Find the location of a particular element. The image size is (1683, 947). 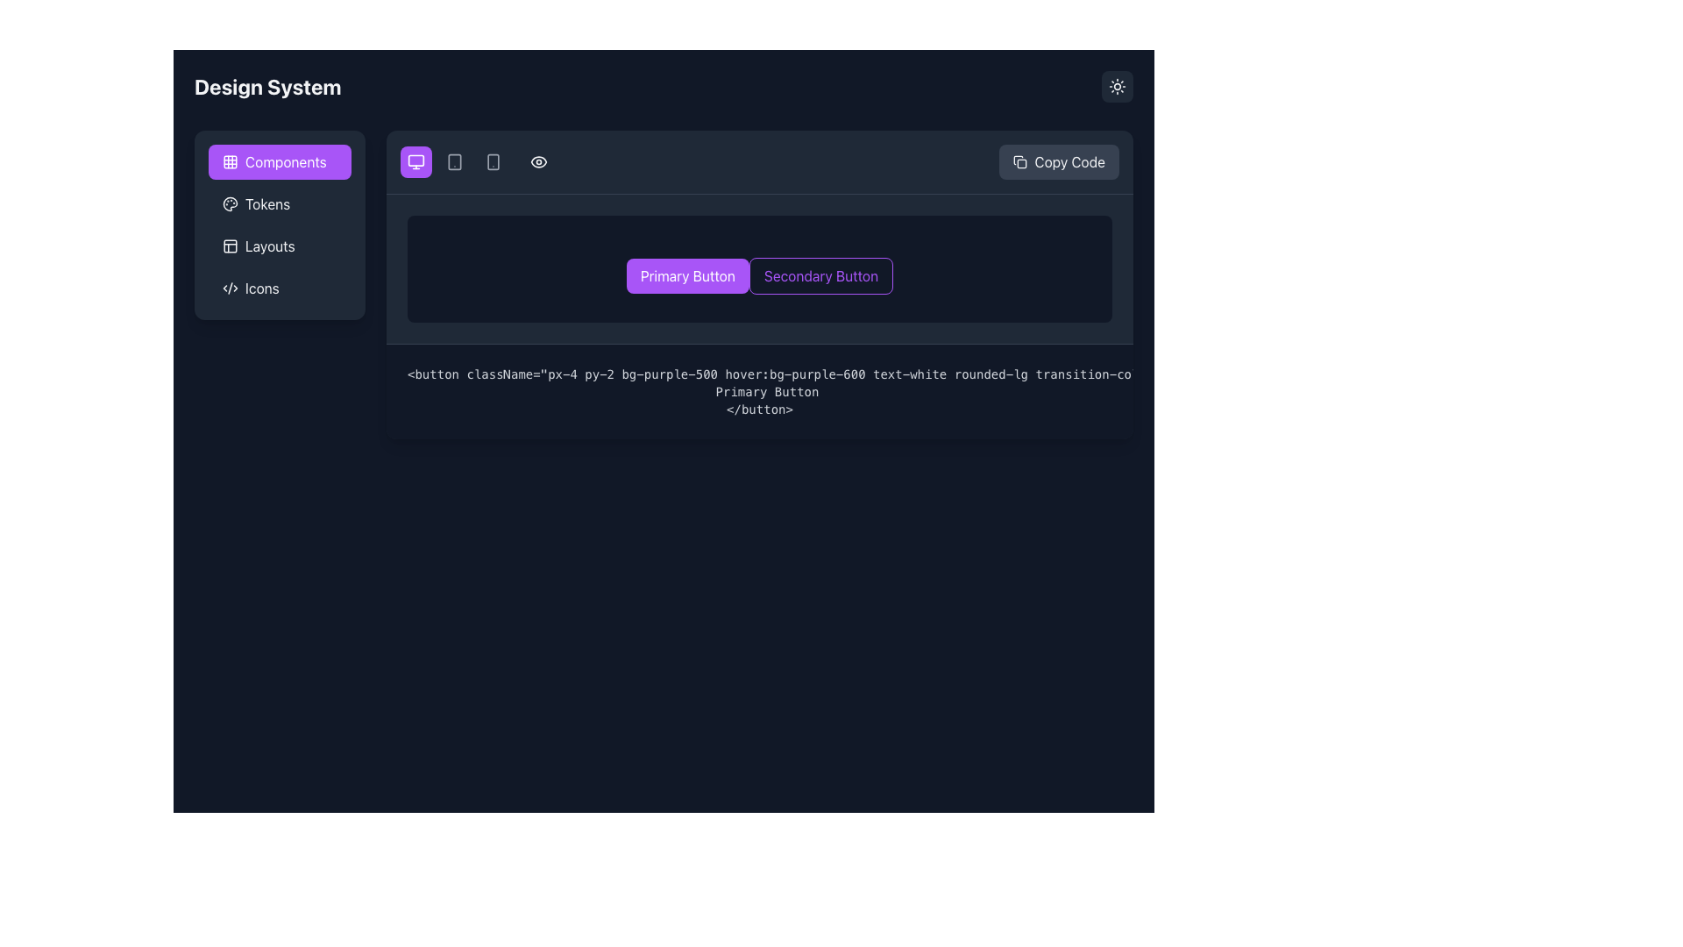

the monitor icon button is located at coordinates (415, 162).